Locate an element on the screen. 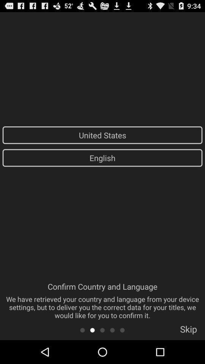 The image size is (205, 364). the icon above english icon is located at coordinates (102, 135).